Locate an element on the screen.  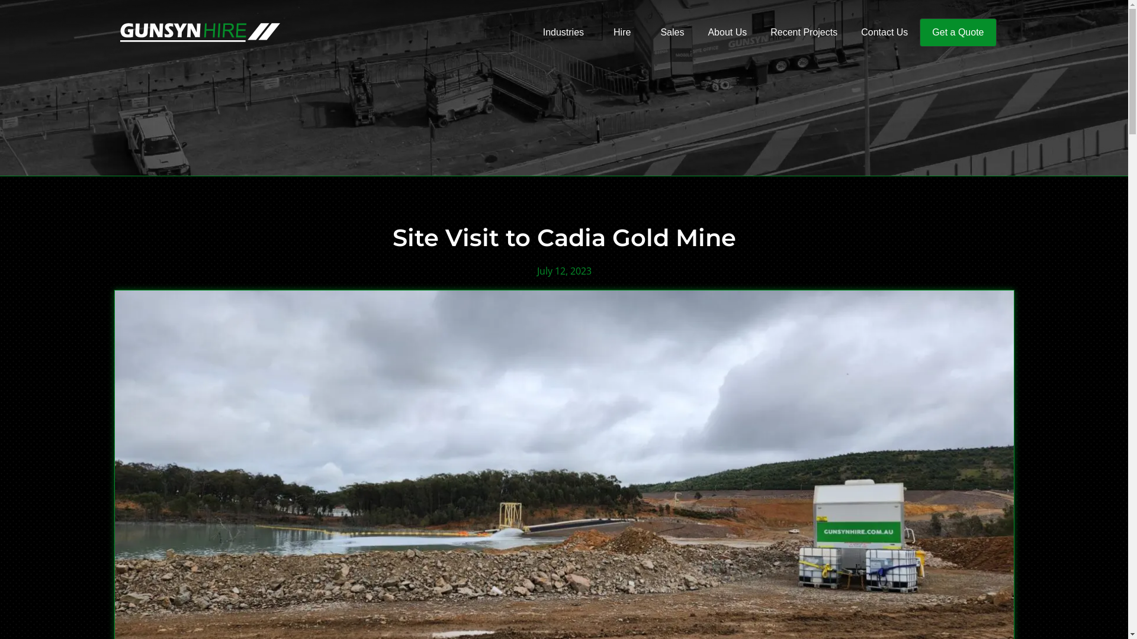
'Contact Us' is located at coordinates (884, 31).